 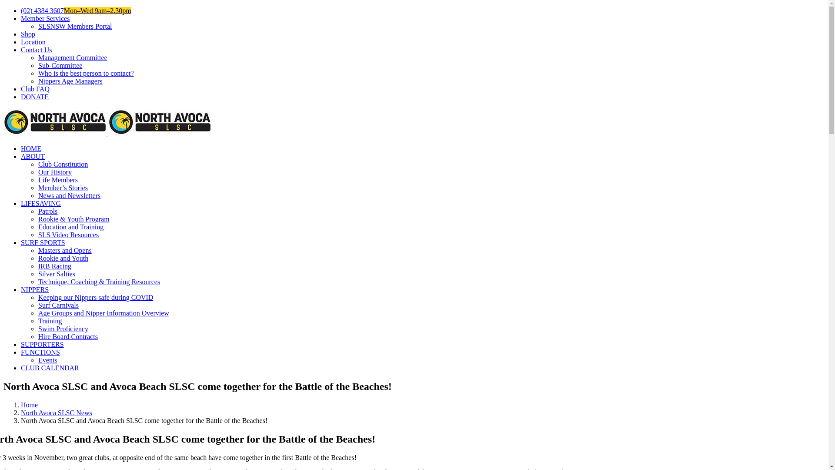 What do you see at coordinates (58, 305) in the screenshot?
I see `'Surf Carnivals'` at bounding box center [58, 305].